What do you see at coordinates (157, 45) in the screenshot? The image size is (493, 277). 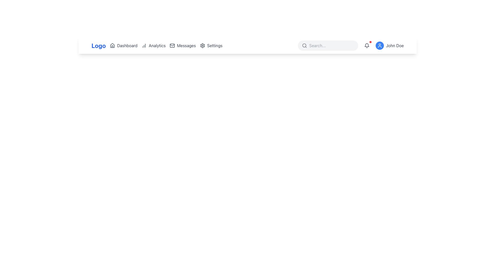 I see `the text label located in the navigation bar, which follows the 'Dashboard' section and precedes the 'Messages' section` at bounding box center [157, 45].